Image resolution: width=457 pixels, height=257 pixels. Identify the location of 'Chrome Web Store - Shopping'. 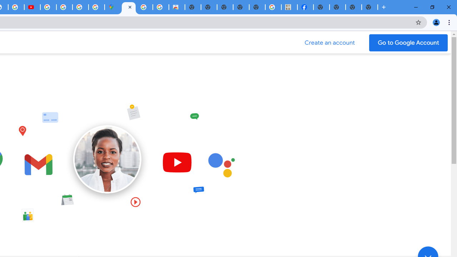
(177, 7).